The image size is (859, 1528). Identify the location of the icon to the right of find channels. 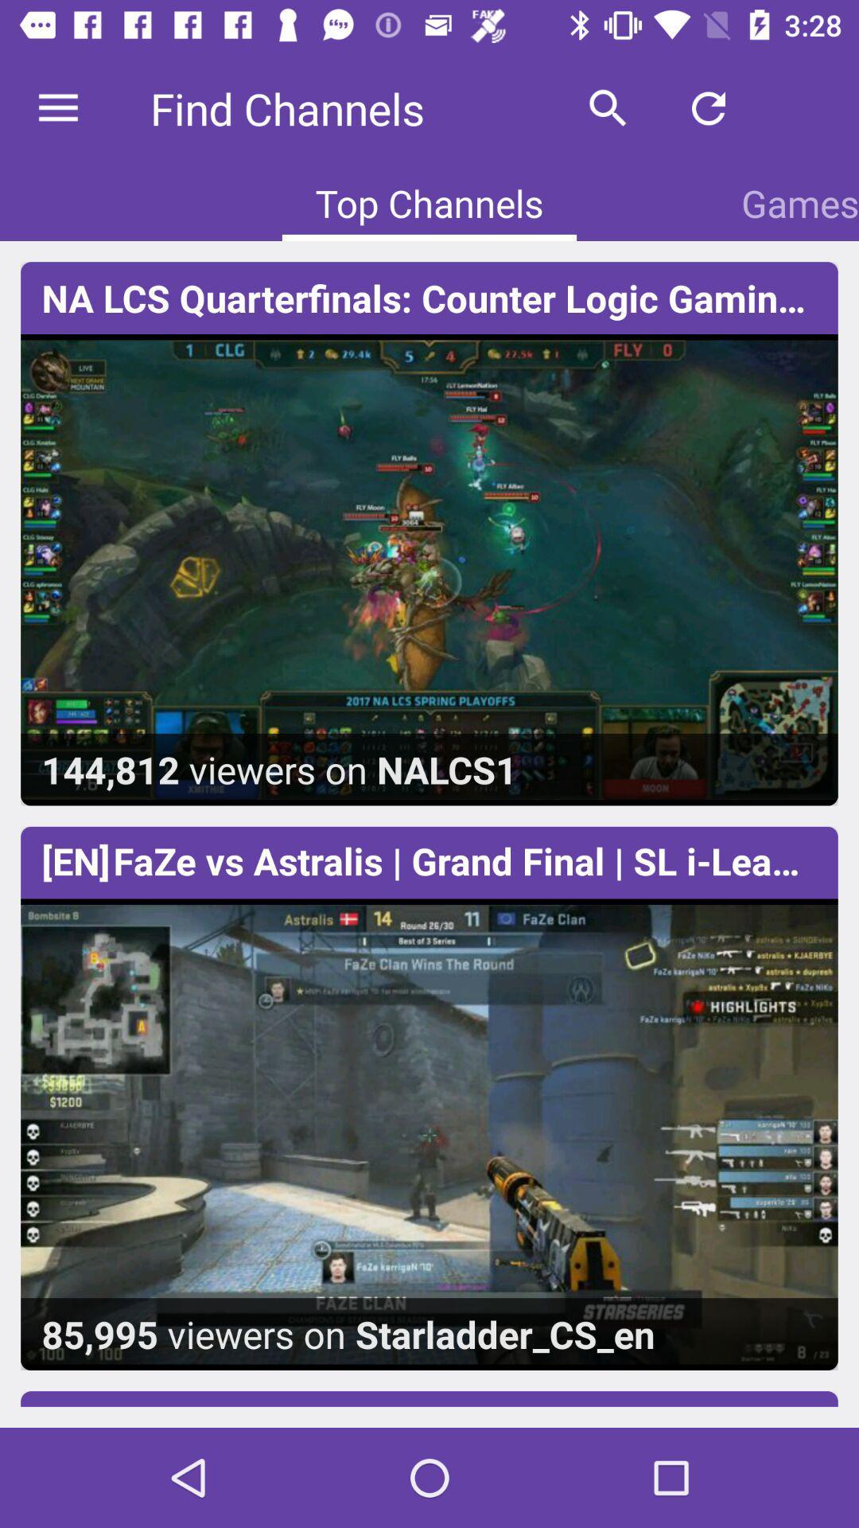
(608, 107).